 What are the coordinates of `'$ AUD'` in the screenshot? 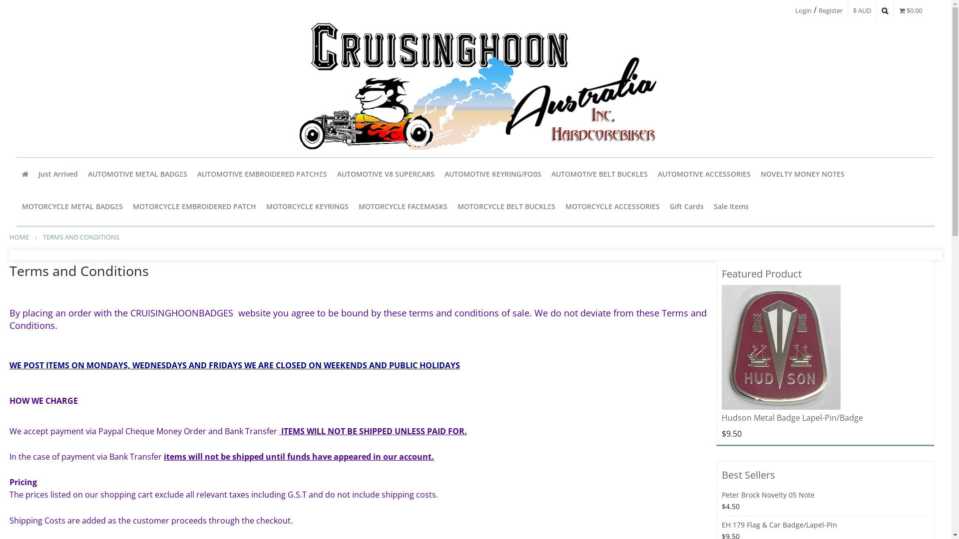 It's located at (862, 10).